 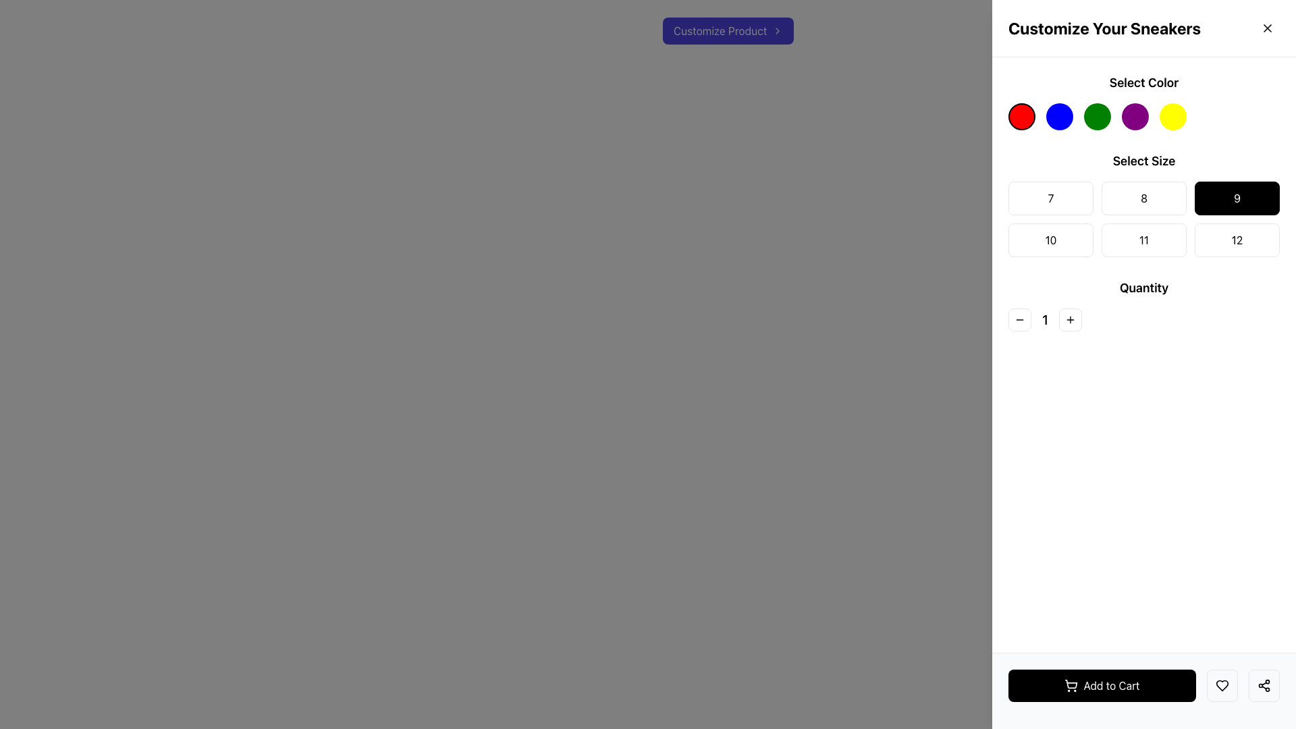 What do you see at coordinates (1266, 28) in the screenshot?
I see `the close button icon located in the top-right corner of the interface to hide or close the associated panel or window` at bounding box center [1266, 28].